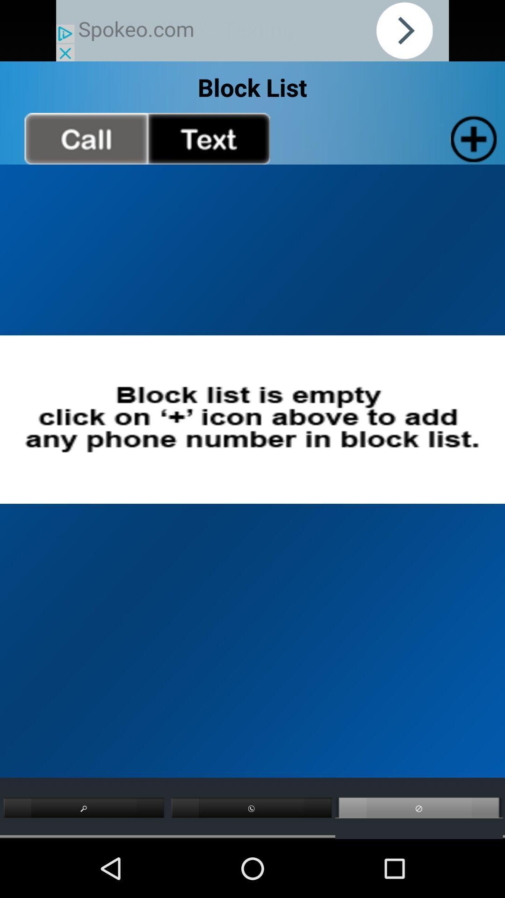 The image size is (505, 898). What do you see at coordinates (252, 30) in the screenshot?
I see `advertisement` at bounding box center [252, 30].